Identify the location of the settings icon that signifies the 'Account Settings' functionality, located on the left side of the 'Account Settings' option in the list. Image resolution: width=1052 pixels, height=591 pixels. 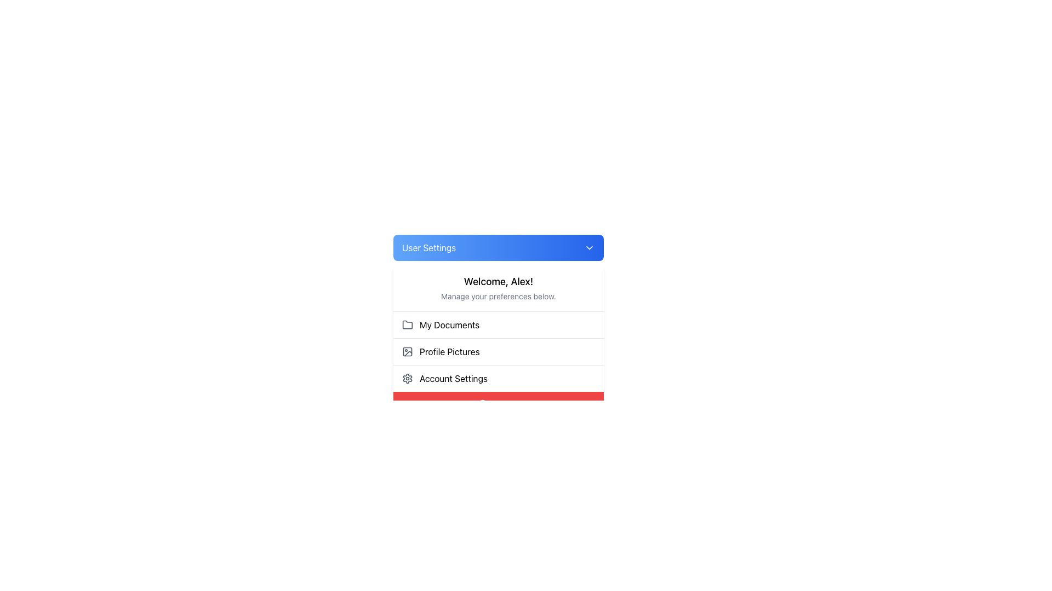
(407, 378).